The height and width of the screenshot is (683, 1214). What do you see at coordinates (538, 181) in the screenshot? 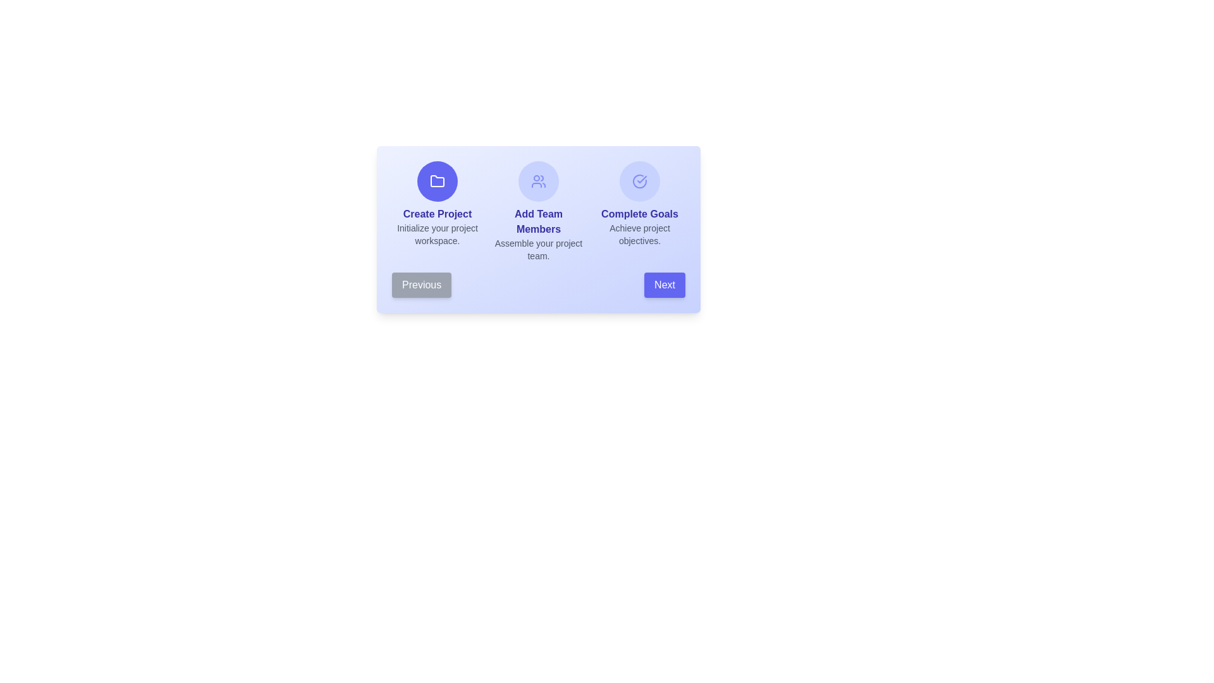
I see `the step icon corresponding to Add Team Members to view its description` at bounding box center [538, 181].